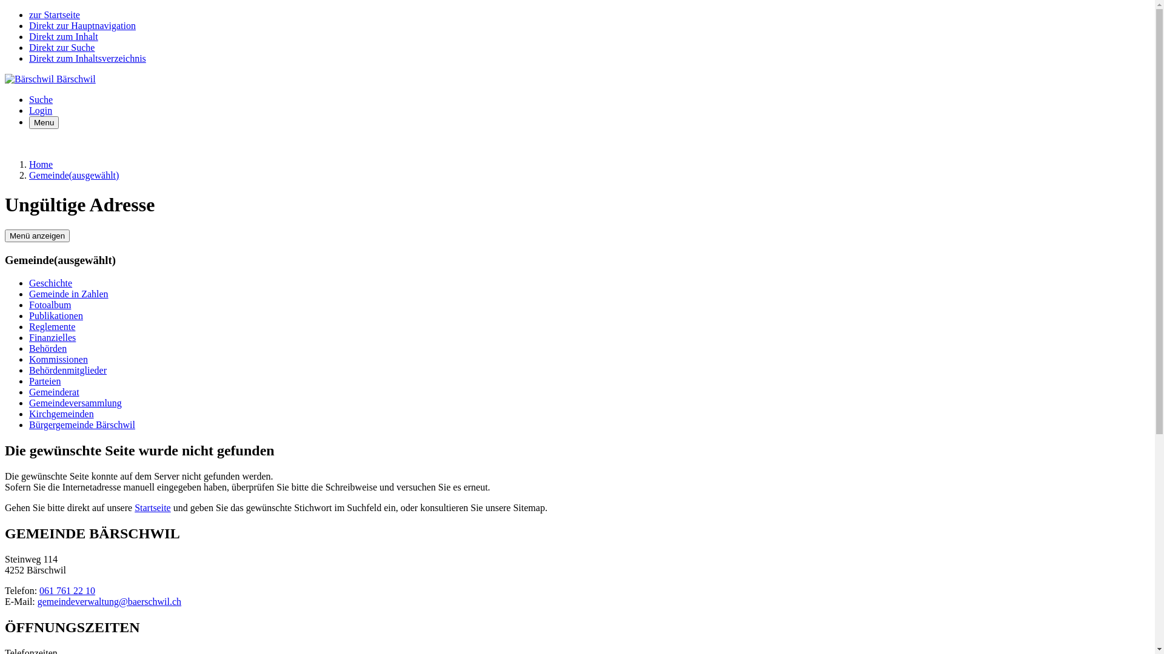 The image size is (1164, 654). What do you see at coordinates (61, 47) in the screenshot?
I see `'Direkt zur Suche'` at bounding box center [61, 47].